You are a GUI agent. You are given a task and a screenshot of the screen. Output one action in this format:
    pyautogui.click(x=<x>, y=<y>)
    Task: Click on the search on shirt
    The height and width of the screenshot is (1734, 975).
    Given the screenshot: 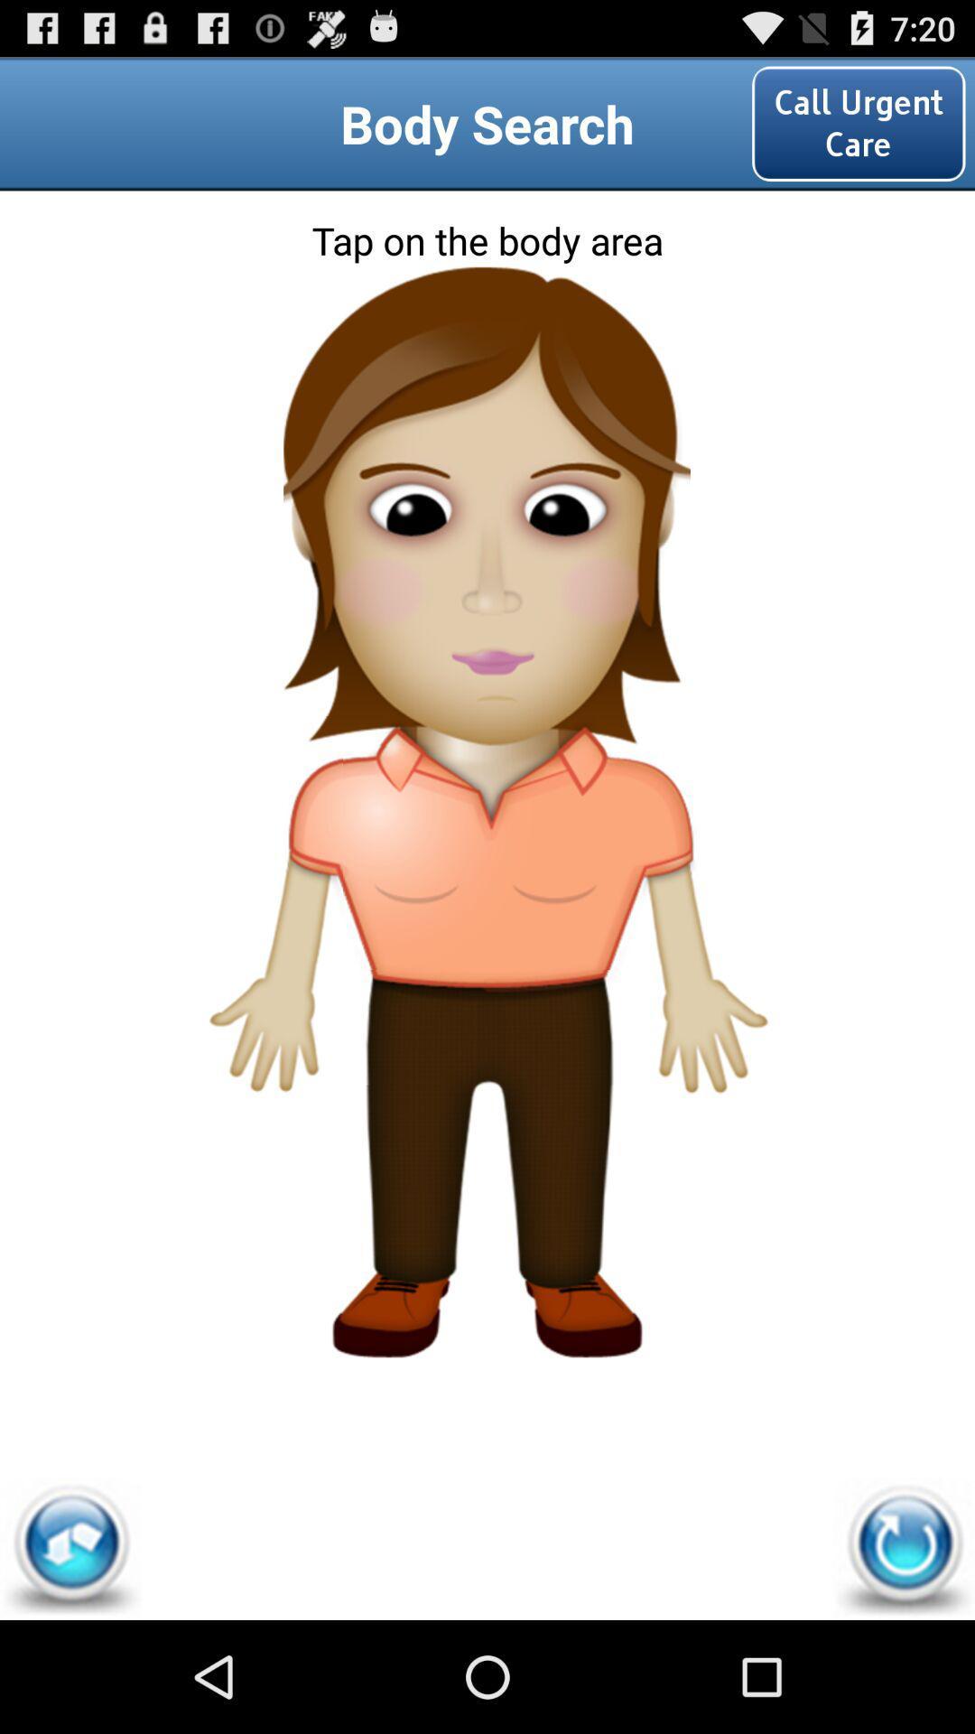 What is the action you would take?
    pyautogui.click(x=486, y=933)
    